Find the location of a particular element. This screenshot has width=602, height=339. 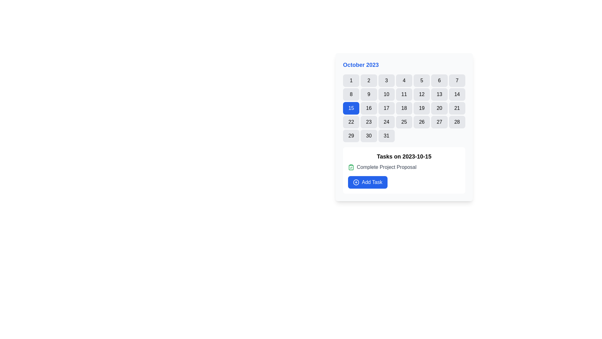

the button with the text '18' in the calendar grid is located at coordinates (404, 108).